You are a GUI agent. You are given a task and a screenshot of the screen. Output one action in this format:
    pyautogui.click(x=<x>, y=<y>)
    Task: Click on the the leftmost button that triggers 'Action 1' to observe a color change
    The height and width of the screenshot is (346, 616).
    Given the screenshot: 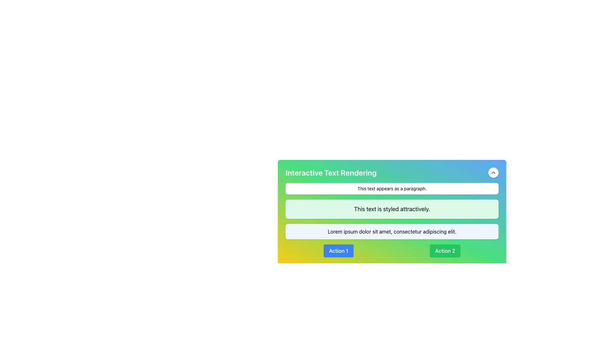 What is the action you would take?
    pyautogui.click(x=338, y=251)
    